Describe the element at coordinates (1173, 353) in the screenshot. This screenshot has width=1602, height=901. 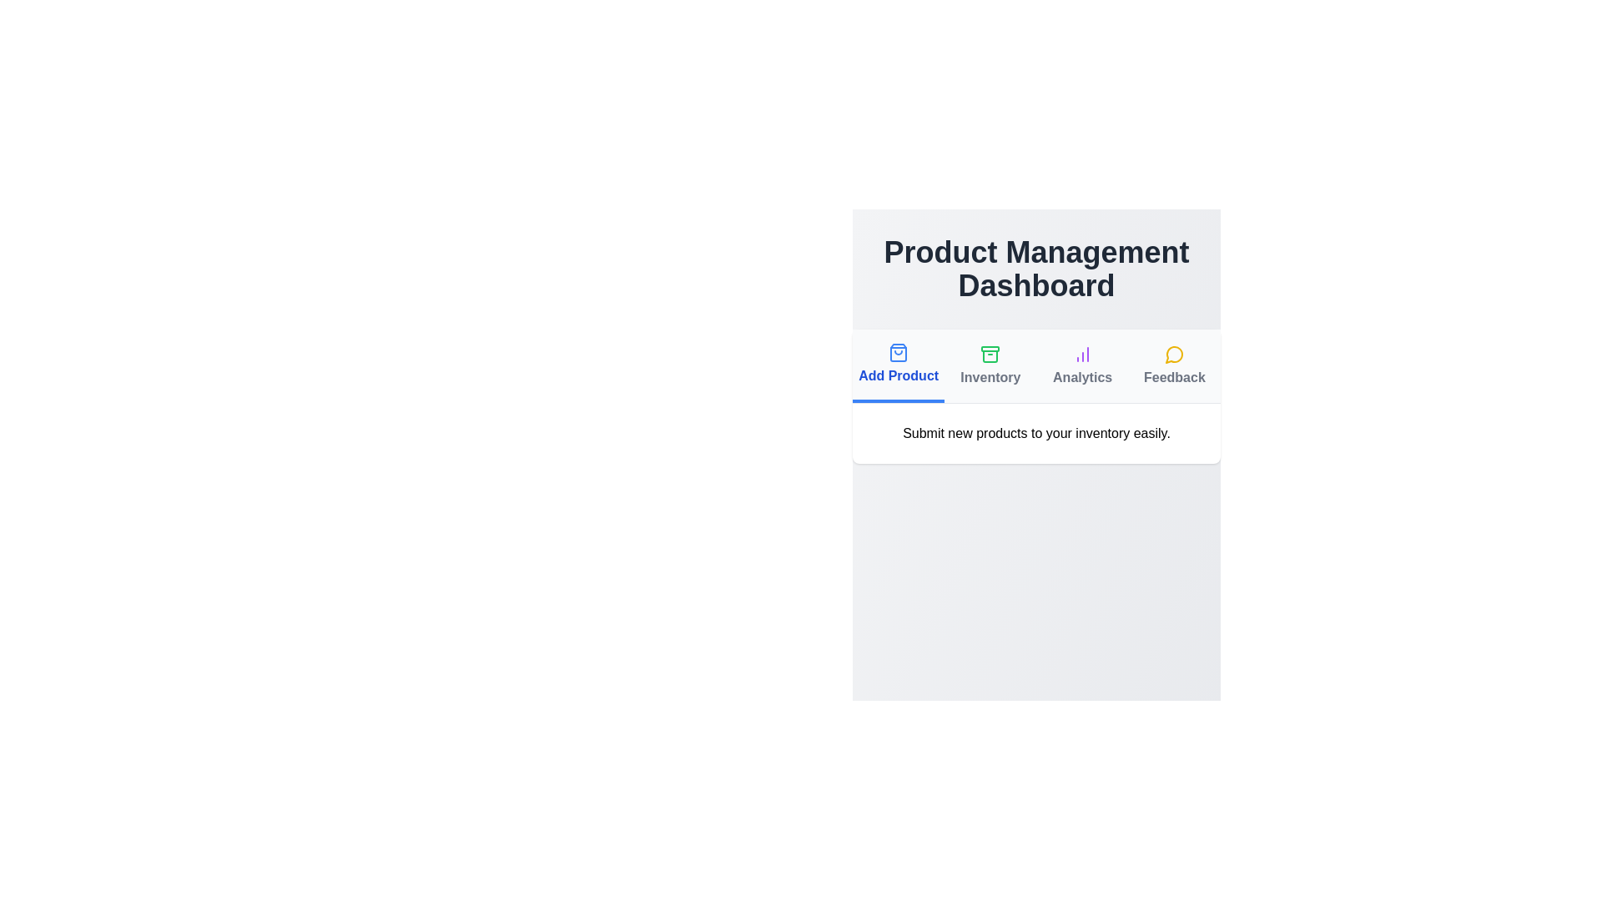
I see `the SVG icon component located at the top-right corner of the main interface, which serves as a clickable icon for feedback interaction` at that location.